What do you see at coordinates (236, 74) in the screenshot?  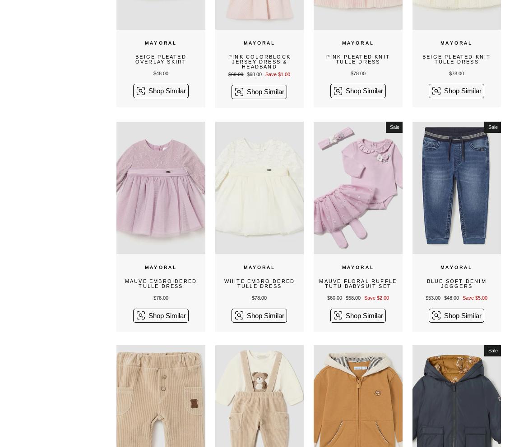 I see `'$69.00'` at bounding box center [236, 74].